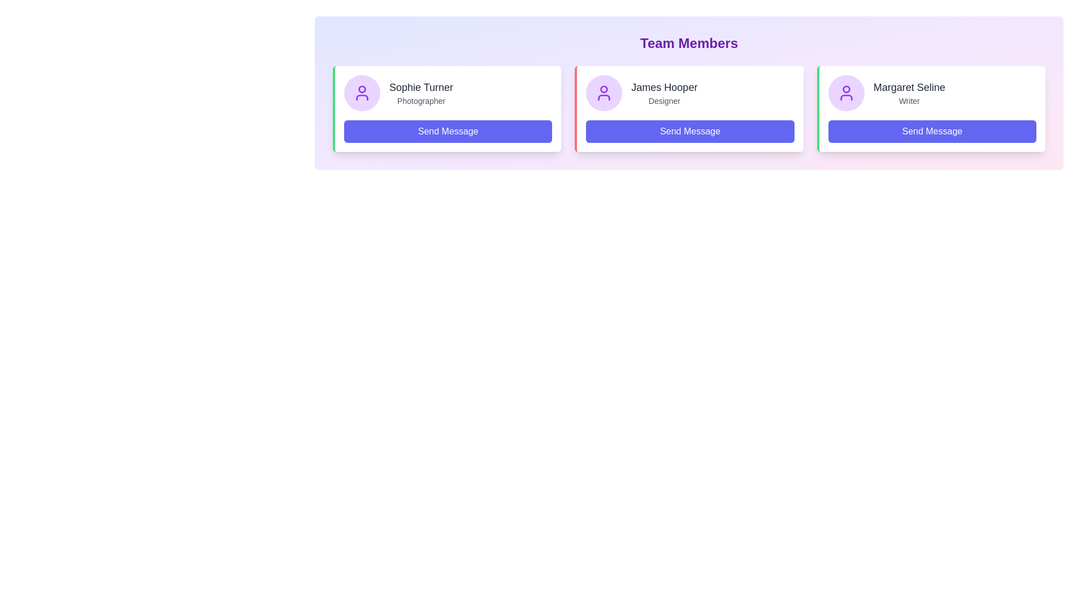 This screenshot has height=610, width=1085. I want to click on the small graphic circle within the user icon for team member Margaret Seline on her card in the member list, so click(846, 89).